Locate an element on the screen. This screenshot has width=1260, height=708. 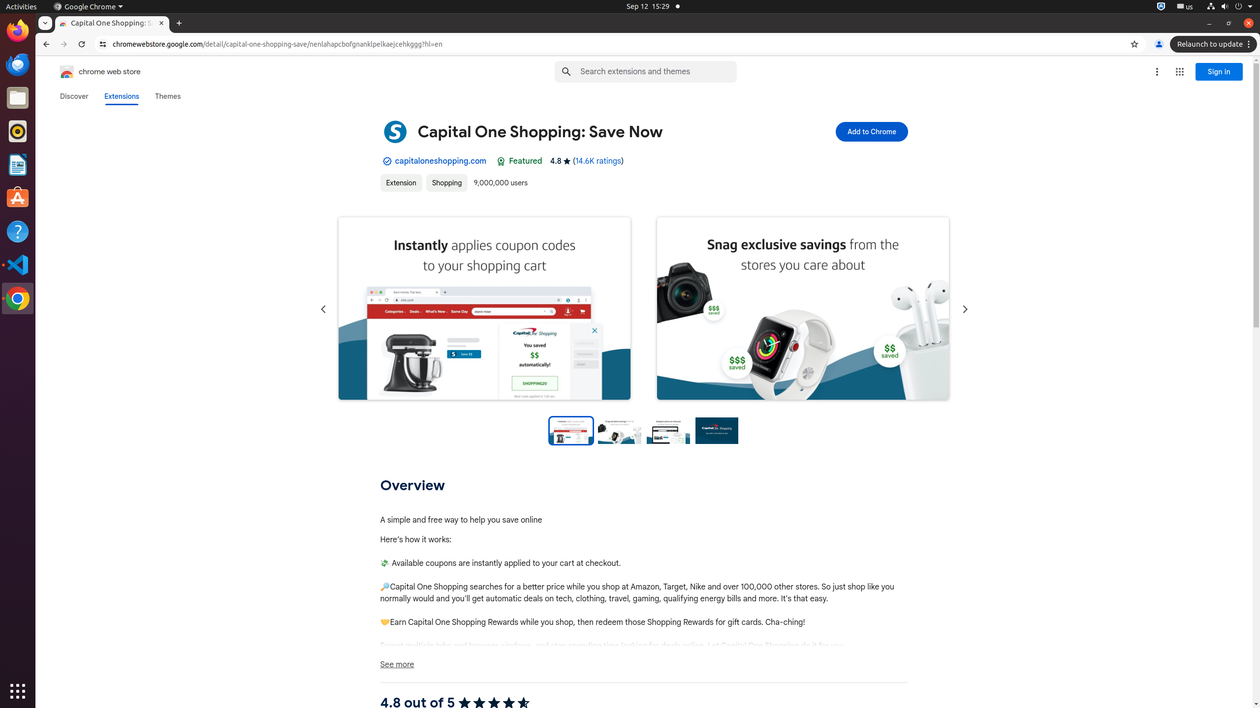
'Previous slide' is located at coordinates (323, 309).